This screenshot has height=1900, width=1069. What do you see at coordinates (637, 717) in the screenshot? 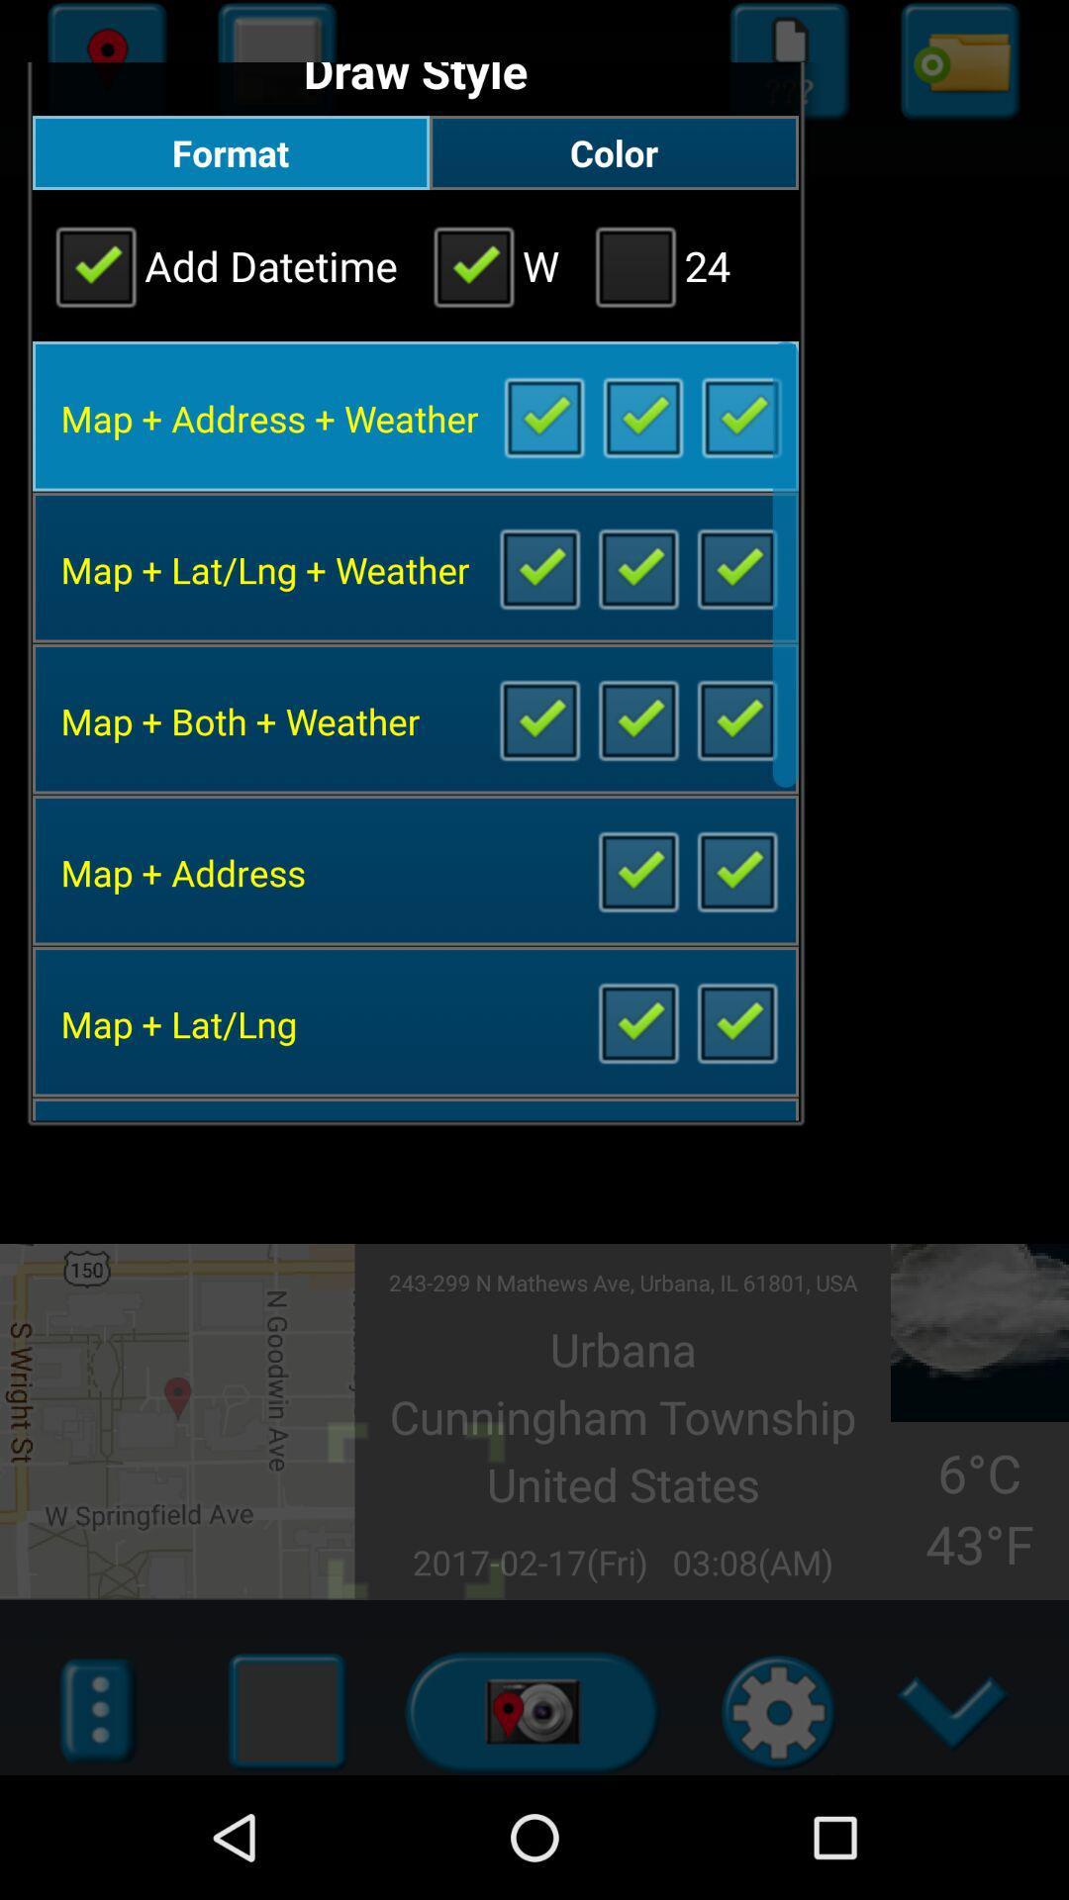
I see `include both map weather` at bounding box center [637, 717].